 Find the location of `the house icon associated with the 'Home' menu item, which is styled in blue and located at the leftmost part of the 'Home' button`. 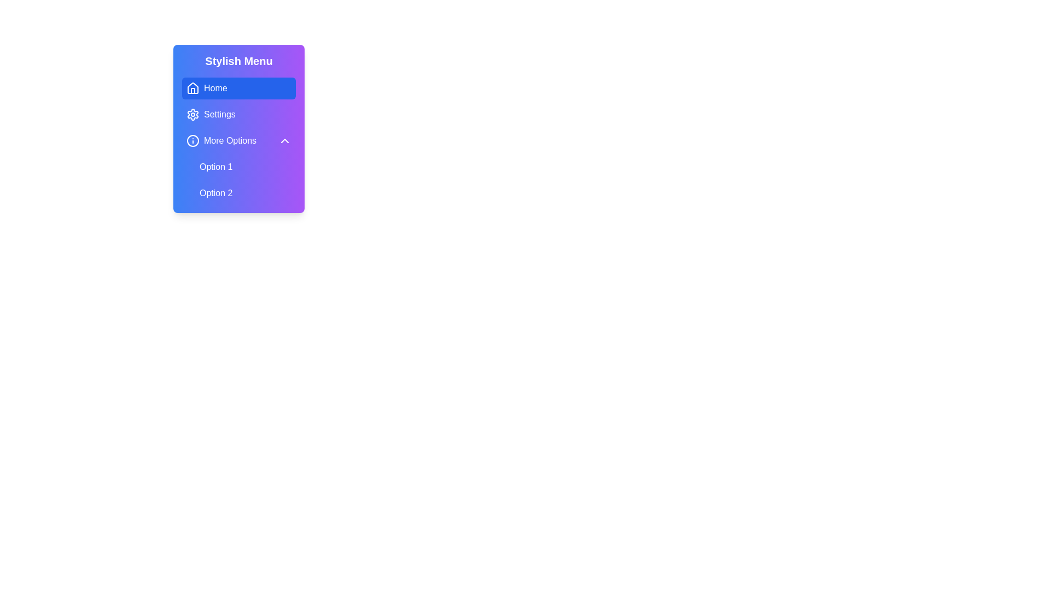

the house icon associated with the 'Home' menu item, which is styled in blue and located at the leftmost part of the 'Home' button is located at coordinates (193, 88).